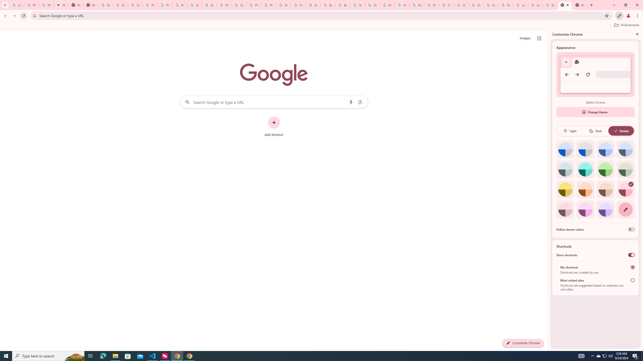 The height and width of the screenshot is (361, 643). I want to click on 'Most visited sites', so click(633, 280).